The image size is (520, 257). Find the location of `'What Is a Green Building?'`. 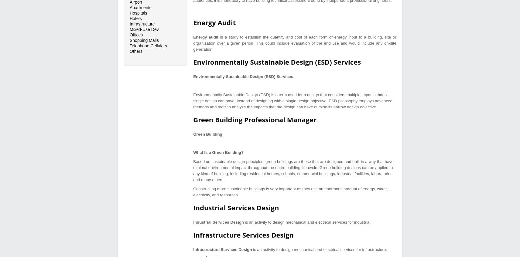

'What Is a Green Building?' is located at coordinates (218, 152).